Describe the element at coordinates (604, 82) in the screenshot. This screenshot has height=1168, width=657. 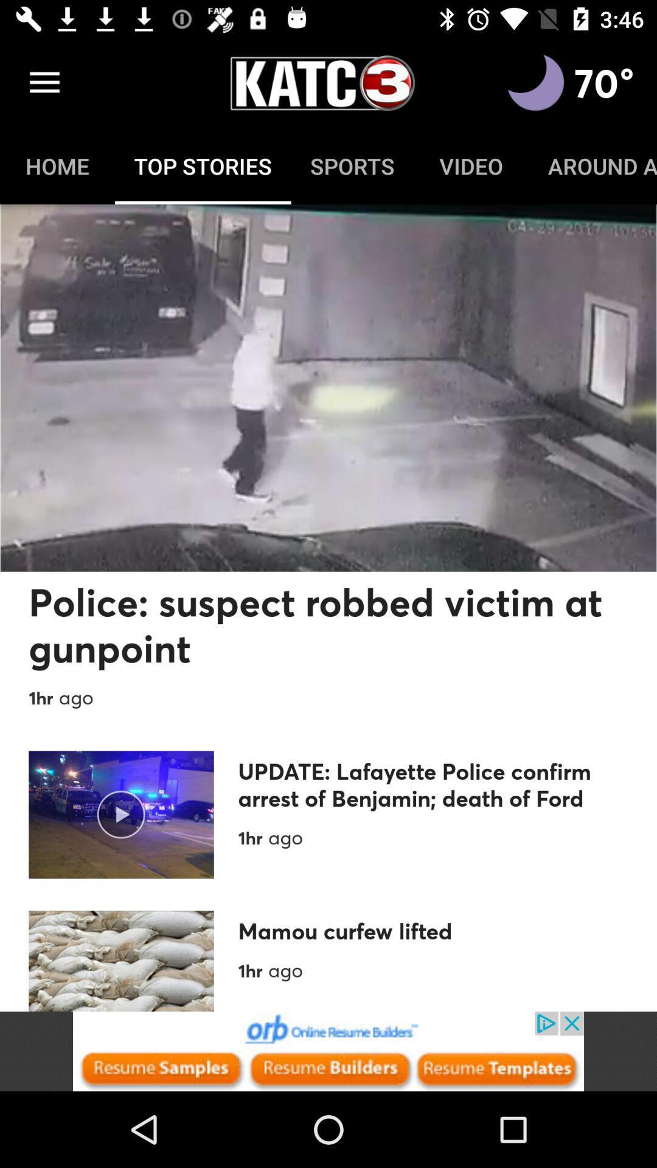
I see `70 at top right` at that location.